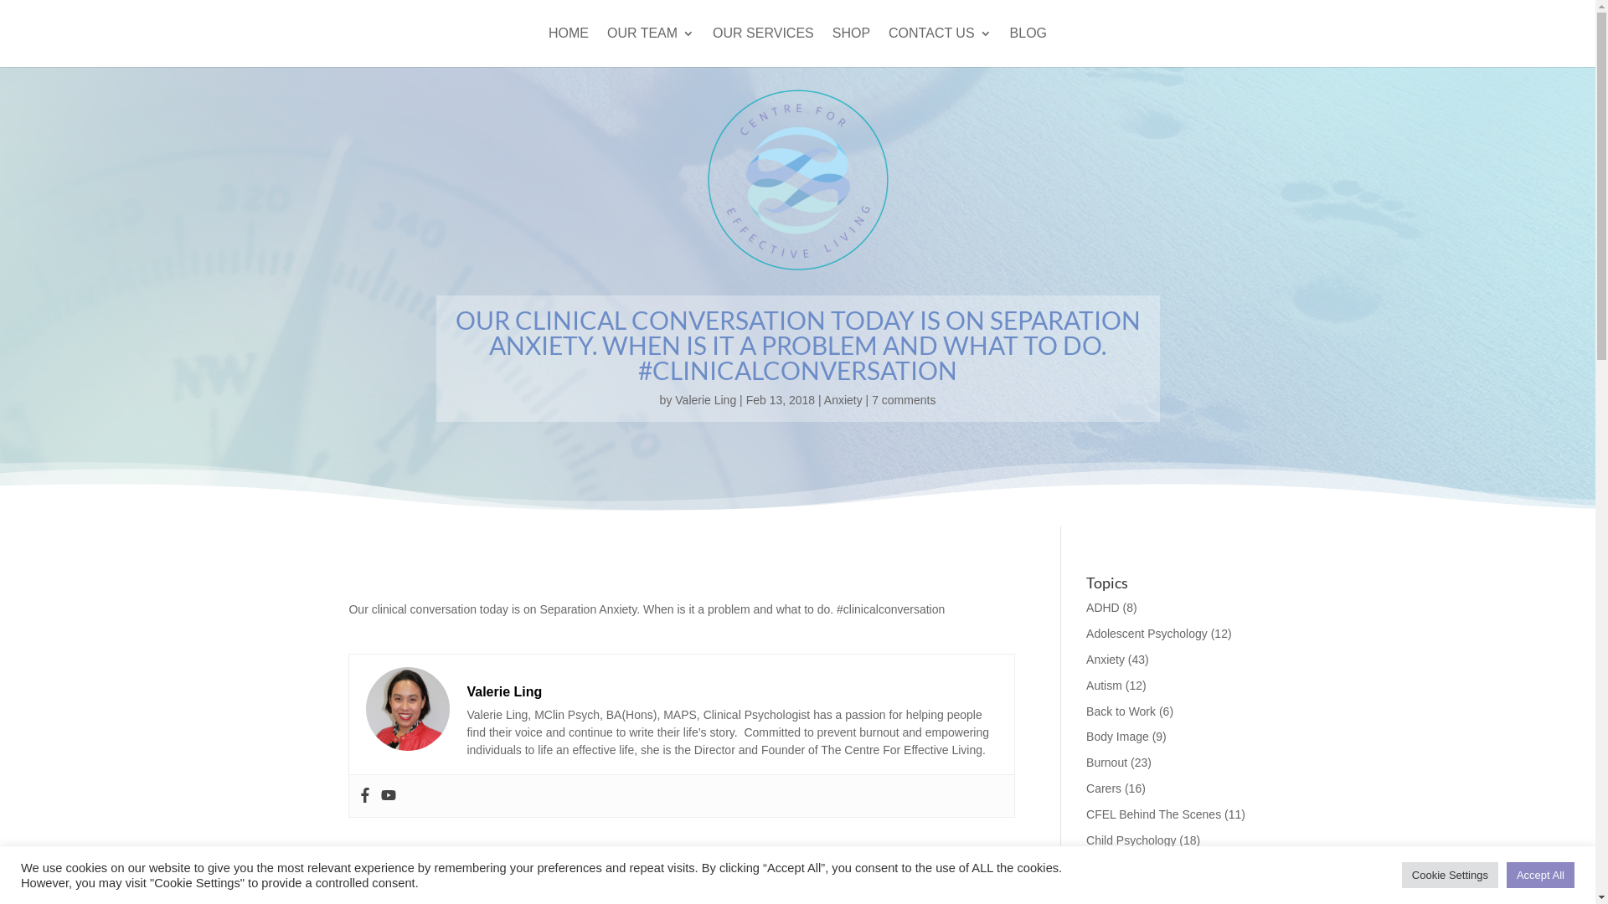 The image size is (1608, 904). What do you see at coordinates (650, 46) in the screenshot?
I see `'OUR TEAM'` at bounding box center [650, 46].